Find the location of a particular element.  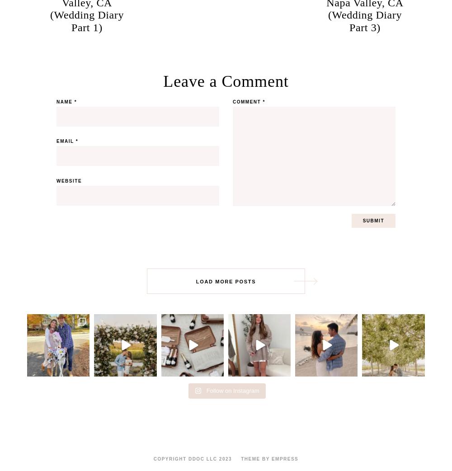

'Email' is located at coordinates (66, 141).